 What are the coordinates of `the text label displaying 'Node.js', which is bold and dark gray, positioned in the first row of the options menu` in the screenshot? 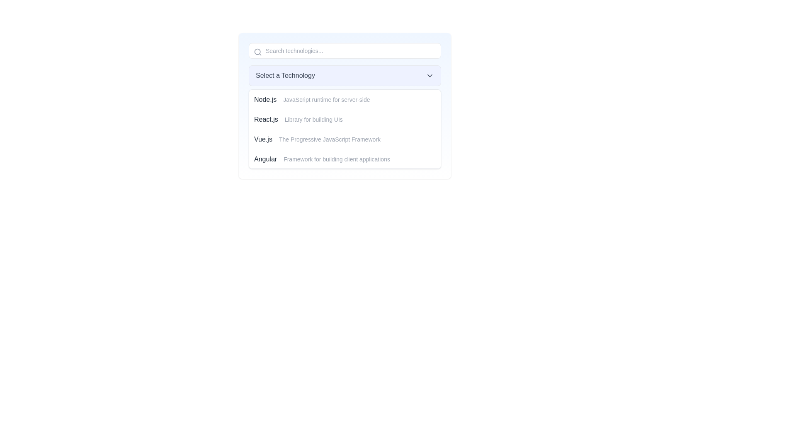 It's located at (265, 99).